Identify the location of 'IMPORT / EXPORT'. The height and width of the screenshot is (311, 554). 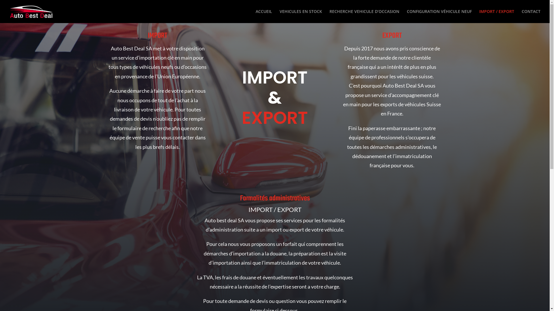
(496, 16).